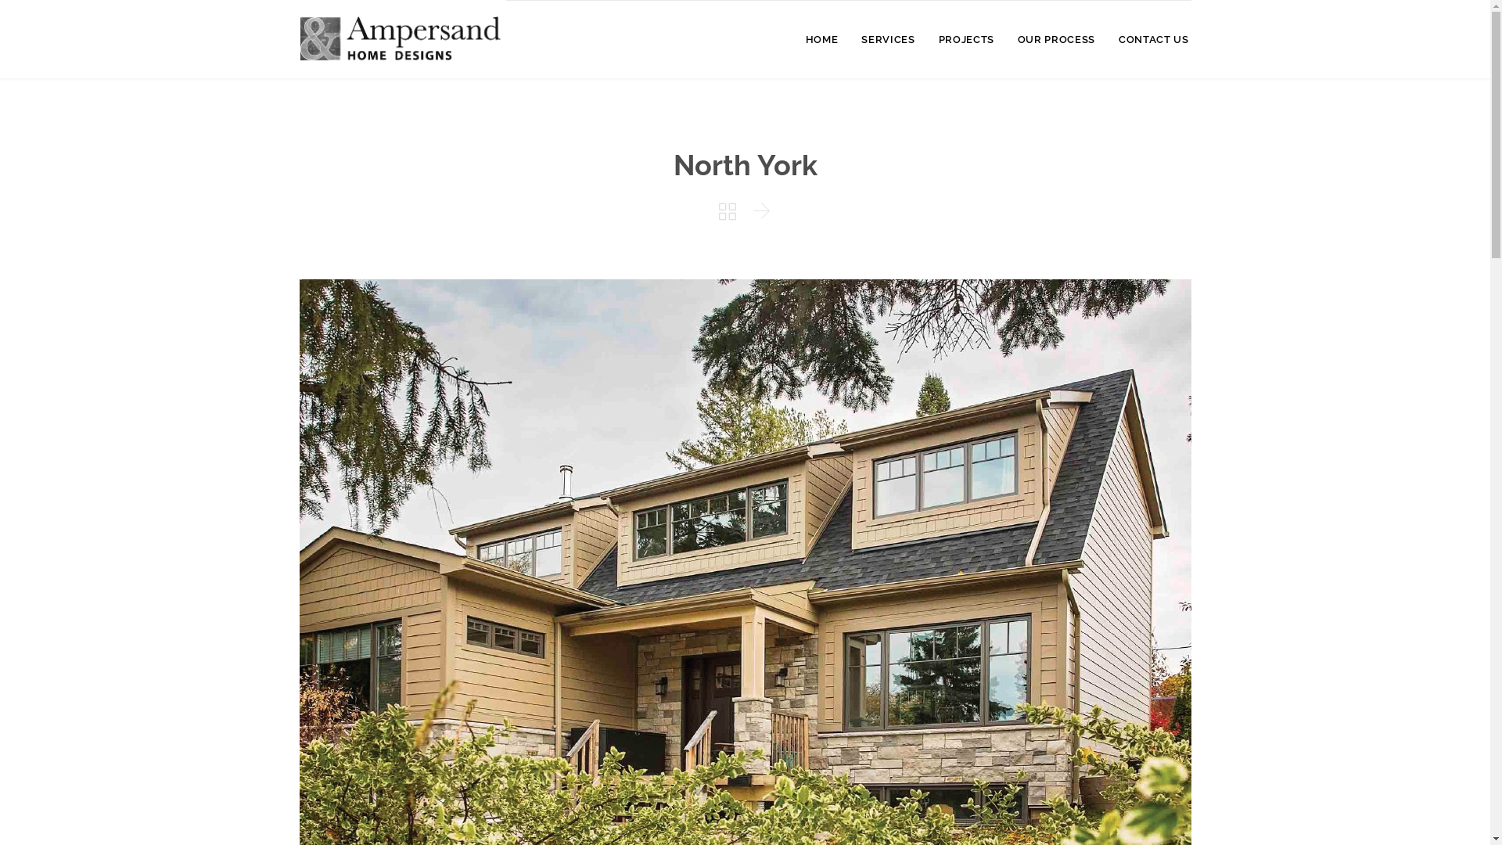 The image size is (1502, 845). Describe the element at coordinates (1056, 40) in the screenshot. I see `'OUR PROCESS'` at that location.